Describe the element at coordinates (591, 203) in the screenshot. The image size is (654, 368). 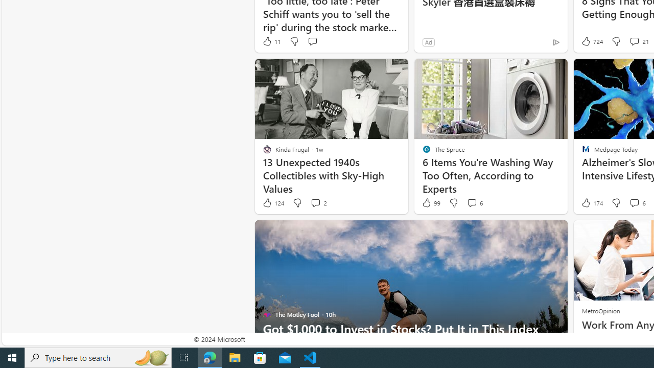
I see `'174 Like'` at that location.